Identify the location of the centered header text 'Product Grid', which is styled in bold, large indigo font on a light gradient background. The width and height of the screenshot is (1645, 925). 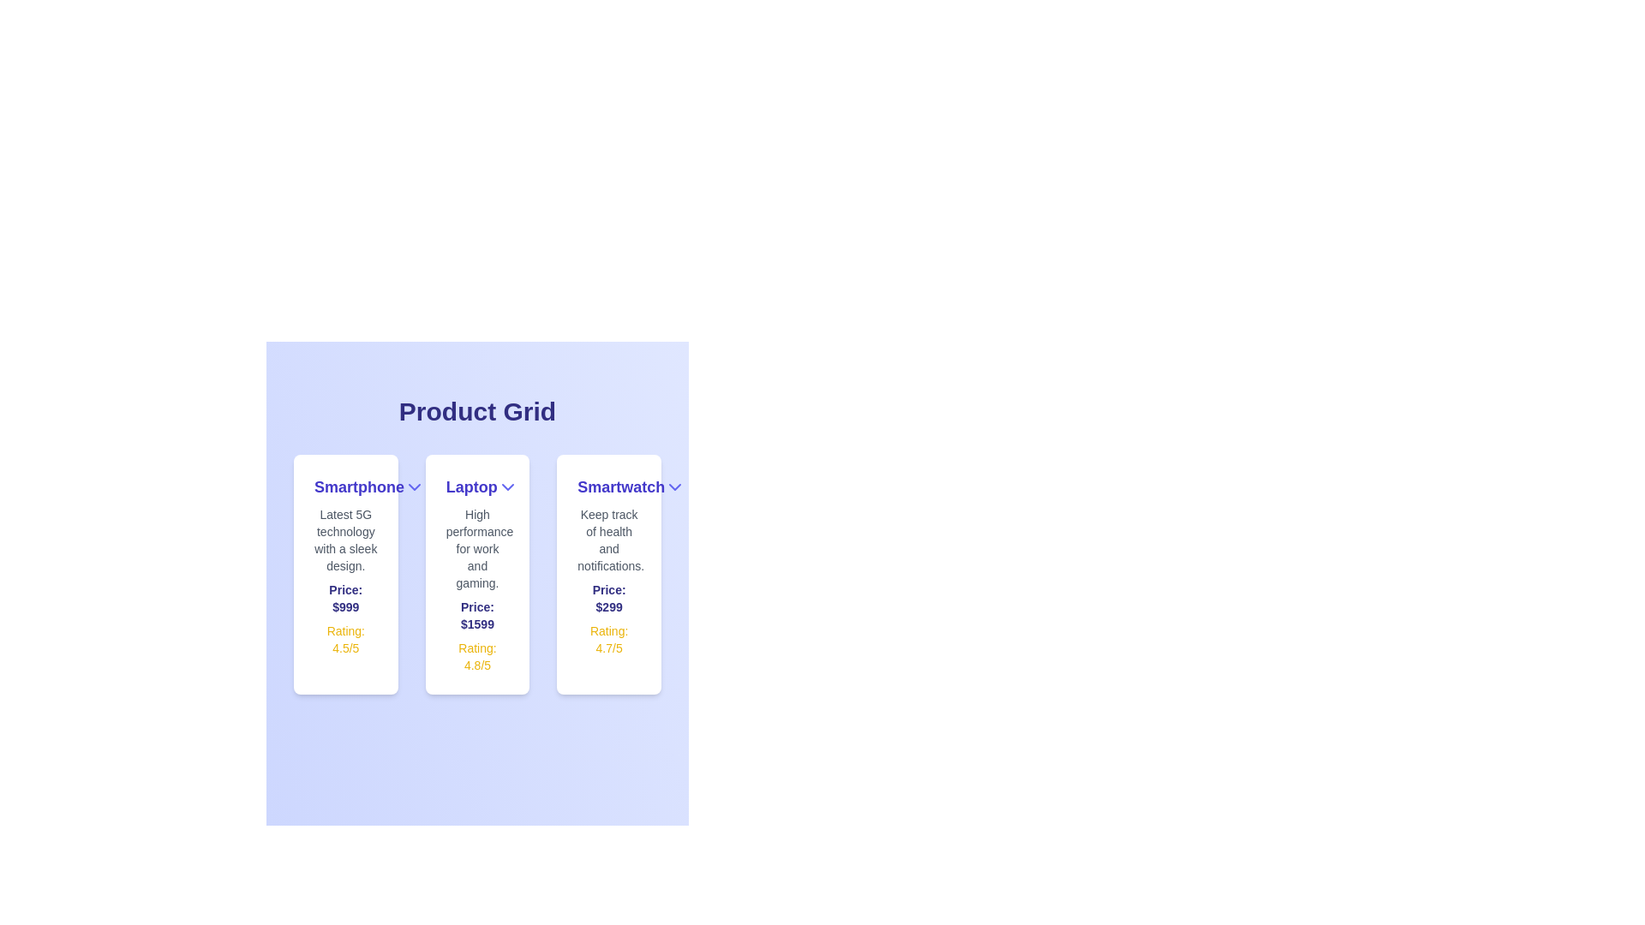
(477, 412).